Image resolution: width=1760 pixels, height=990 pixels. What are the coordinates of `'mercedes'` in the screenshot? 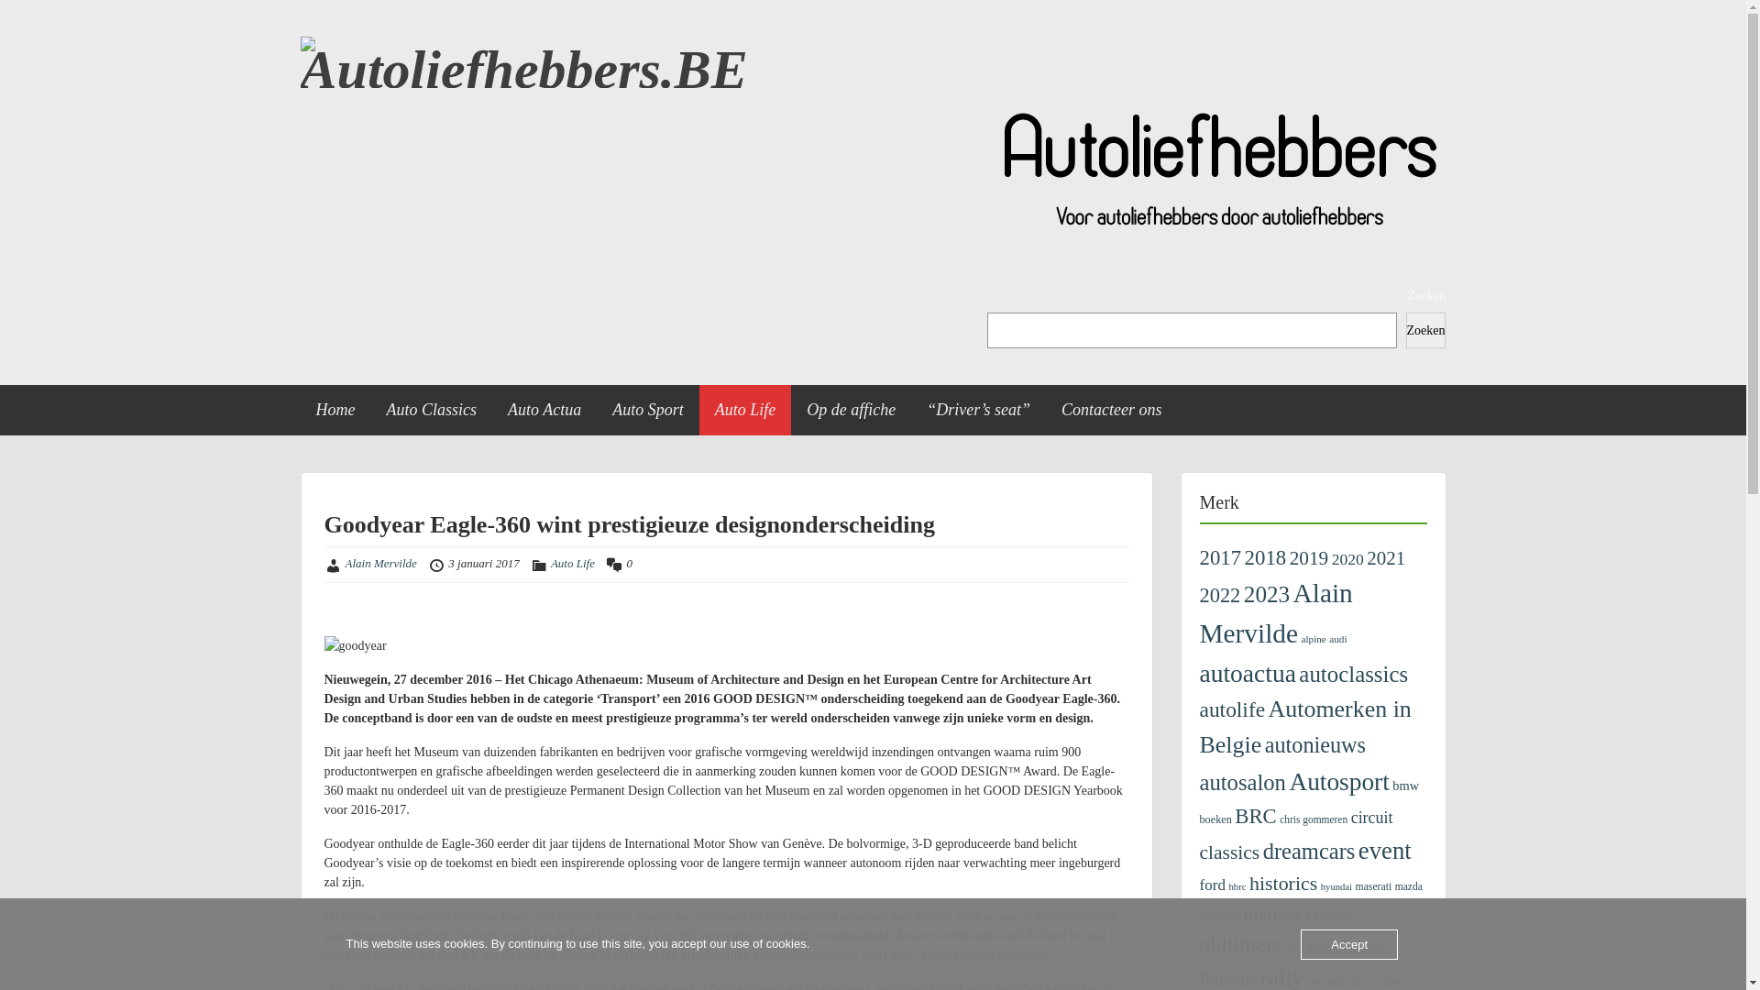 It's located at (1199, 917).